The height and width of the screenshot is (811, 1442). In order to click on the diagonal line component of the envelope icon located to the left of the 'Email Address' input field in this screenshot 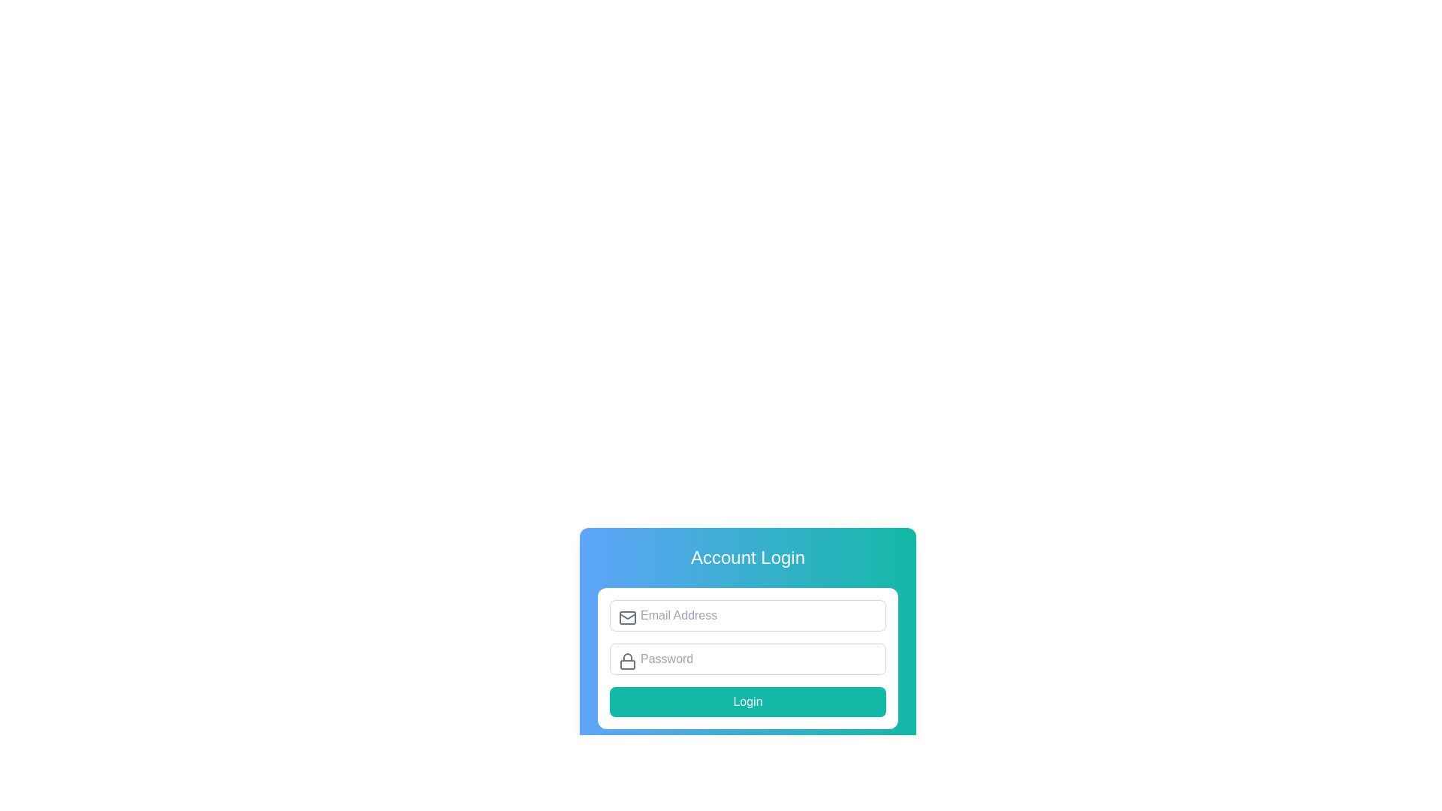, I will do `click(627, 616)`.